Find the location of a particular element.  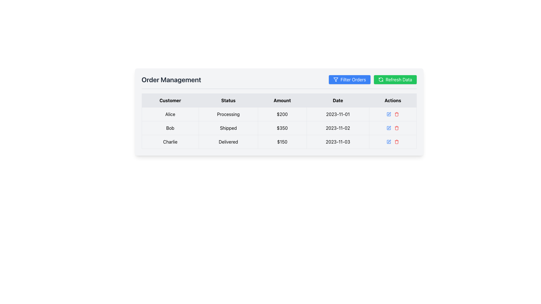

the status label indicating the order status for the customer 'Charlie', which shows that the order is delivered is located at coordinates (228, 142).